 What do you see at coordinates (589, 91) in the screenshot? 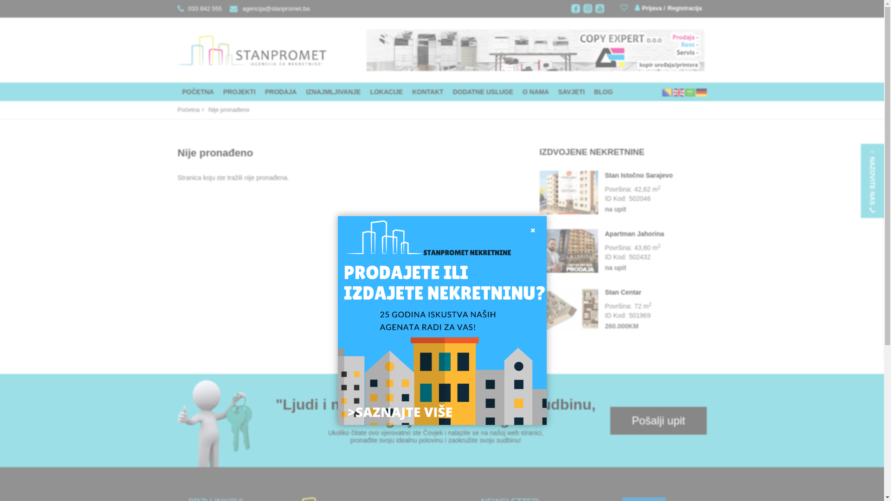
I see `'BLOG'` at bounding box center [589, 91].